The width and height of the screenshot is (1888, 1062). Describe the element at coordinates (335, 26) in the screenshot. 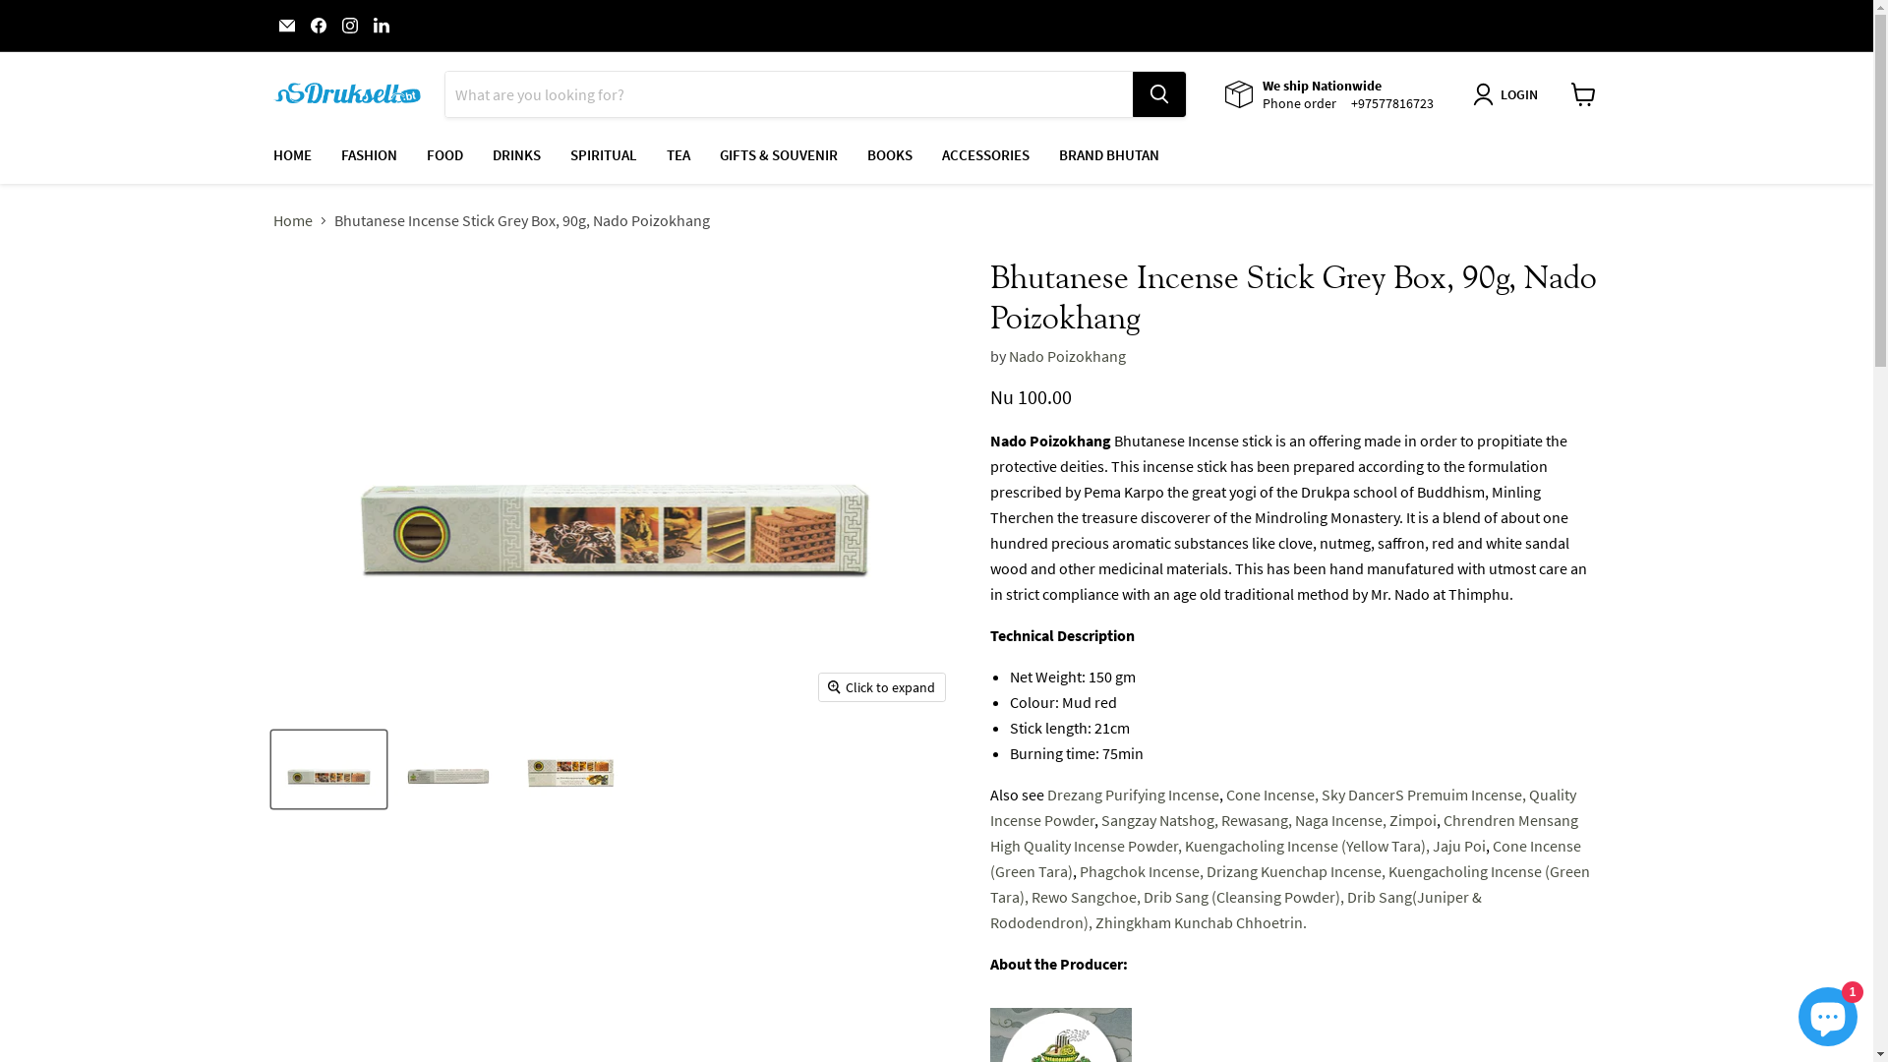

I see `'Find us on Instagram'` at that location.